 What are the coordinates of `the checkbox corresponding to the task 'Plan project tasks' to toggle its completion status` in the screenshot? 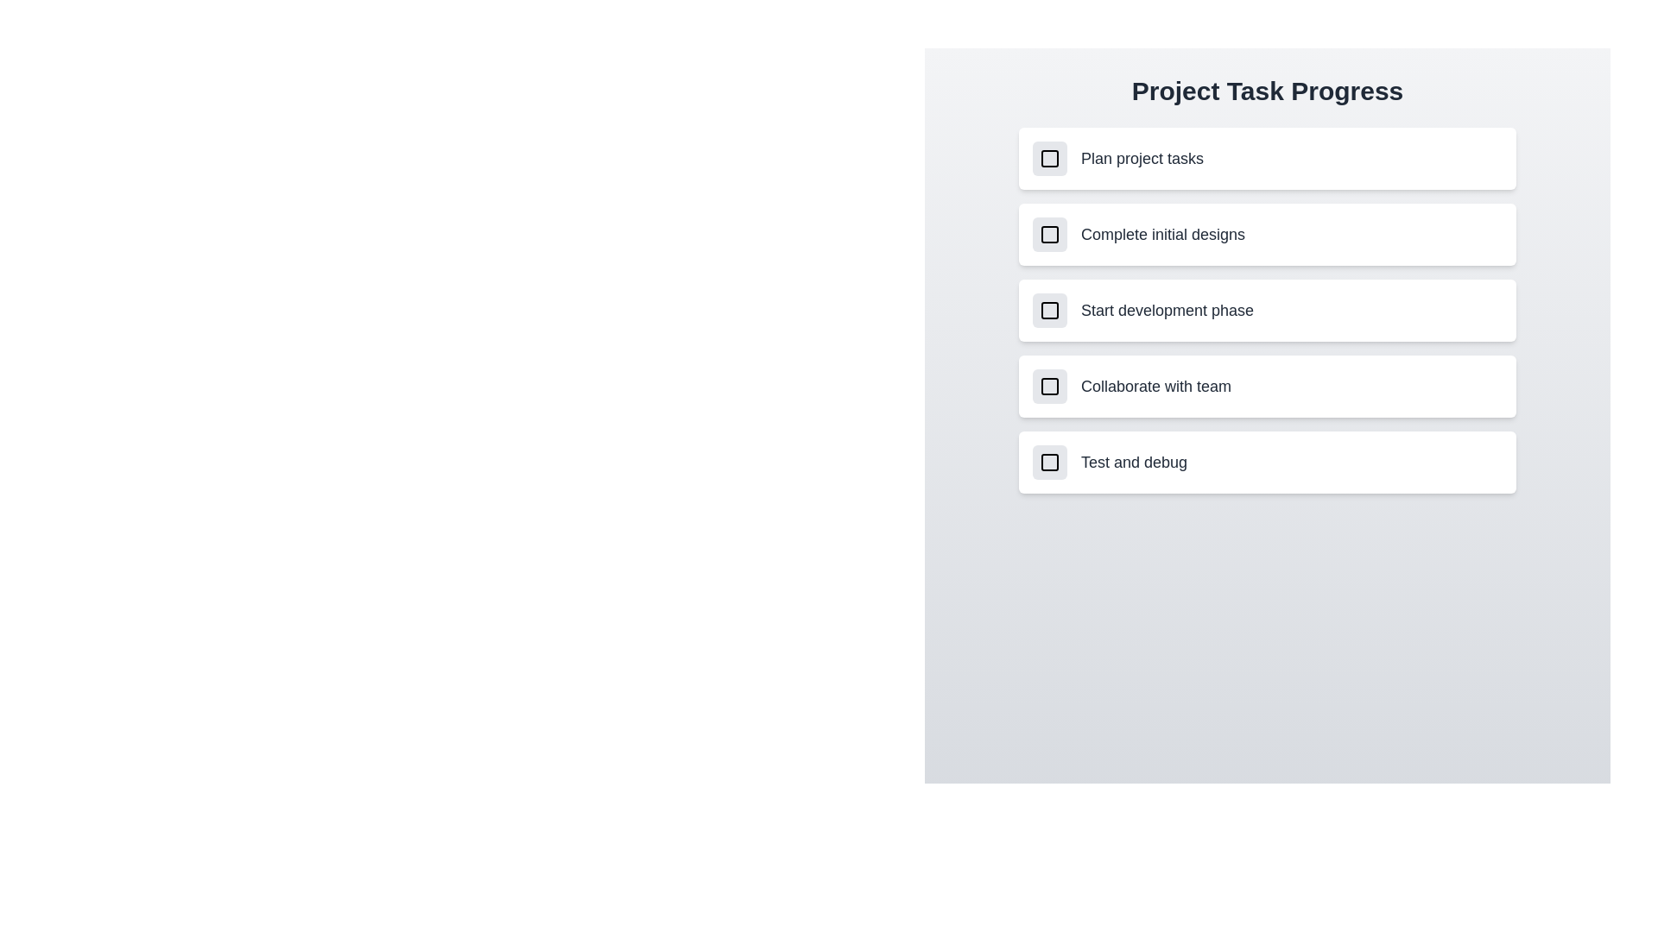 It's located at (1048, 159).